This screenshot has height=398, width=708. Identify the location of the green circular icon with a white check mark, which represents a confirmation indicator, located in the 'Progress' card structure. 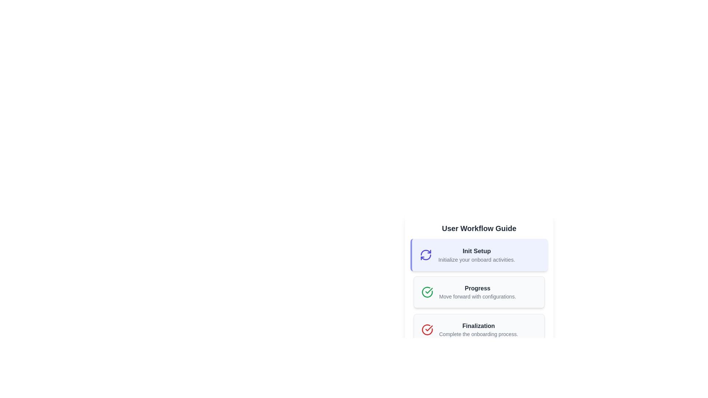
(427, 292).